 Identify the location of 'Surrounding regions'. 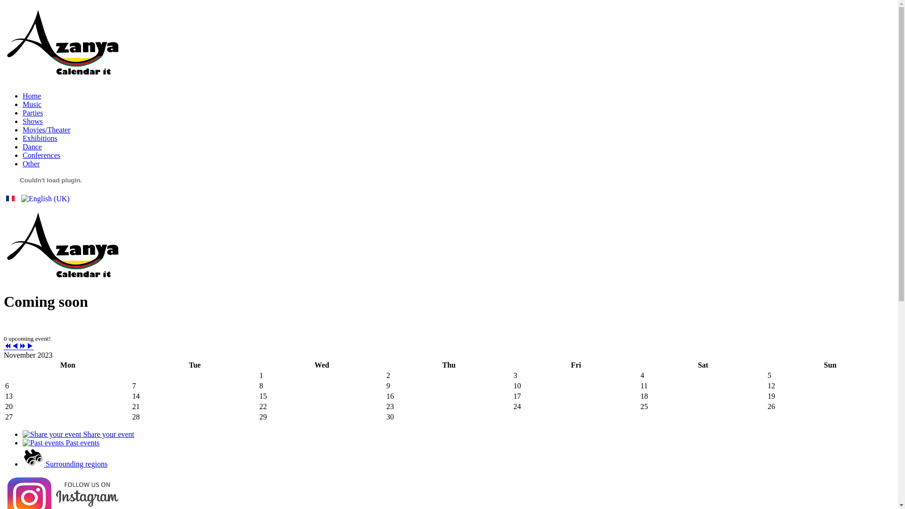
(65, 463).